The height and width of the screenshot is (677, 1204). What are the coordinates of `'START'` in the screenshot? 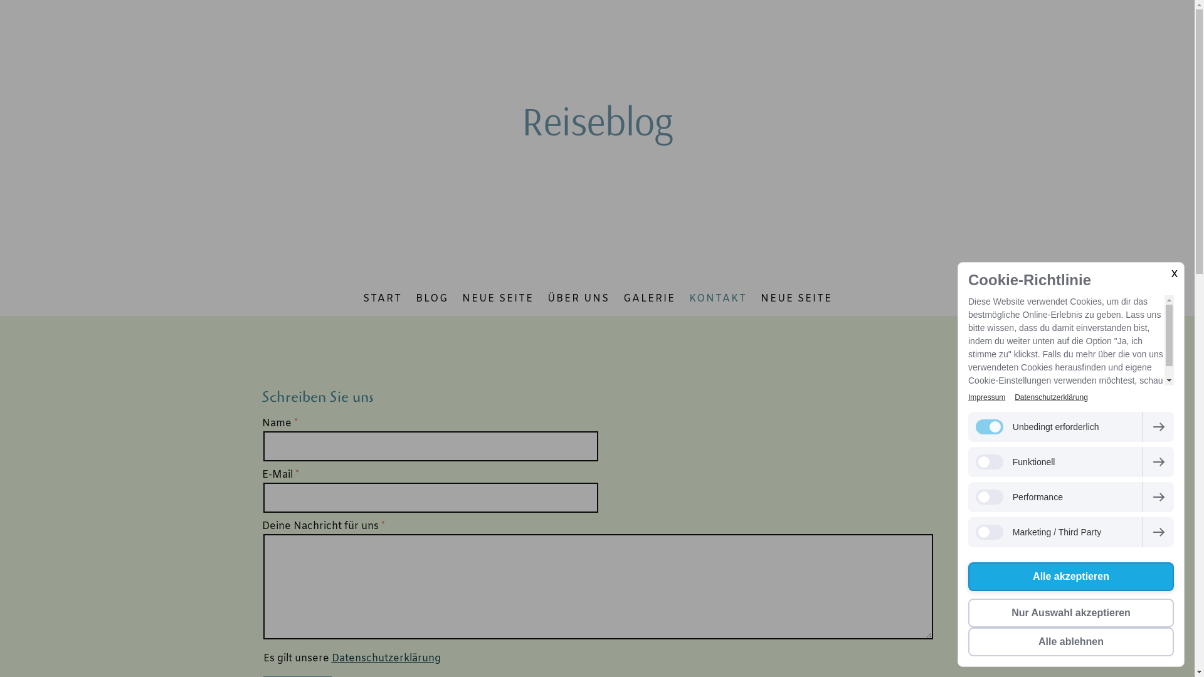 It's located at (381, 299).